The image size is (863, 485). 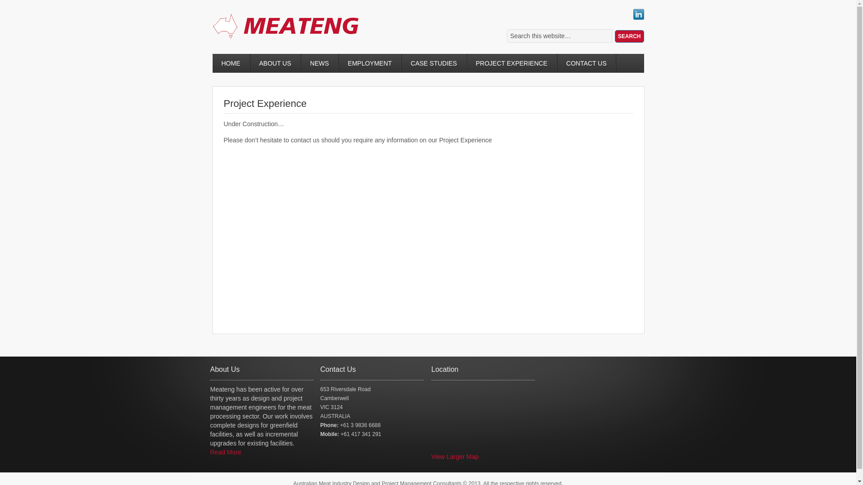 What do you see at coordinates (638, 17) in the screenshot?
I see `'Join Us on LinkedIn!'` at bounding box center [638, 17].